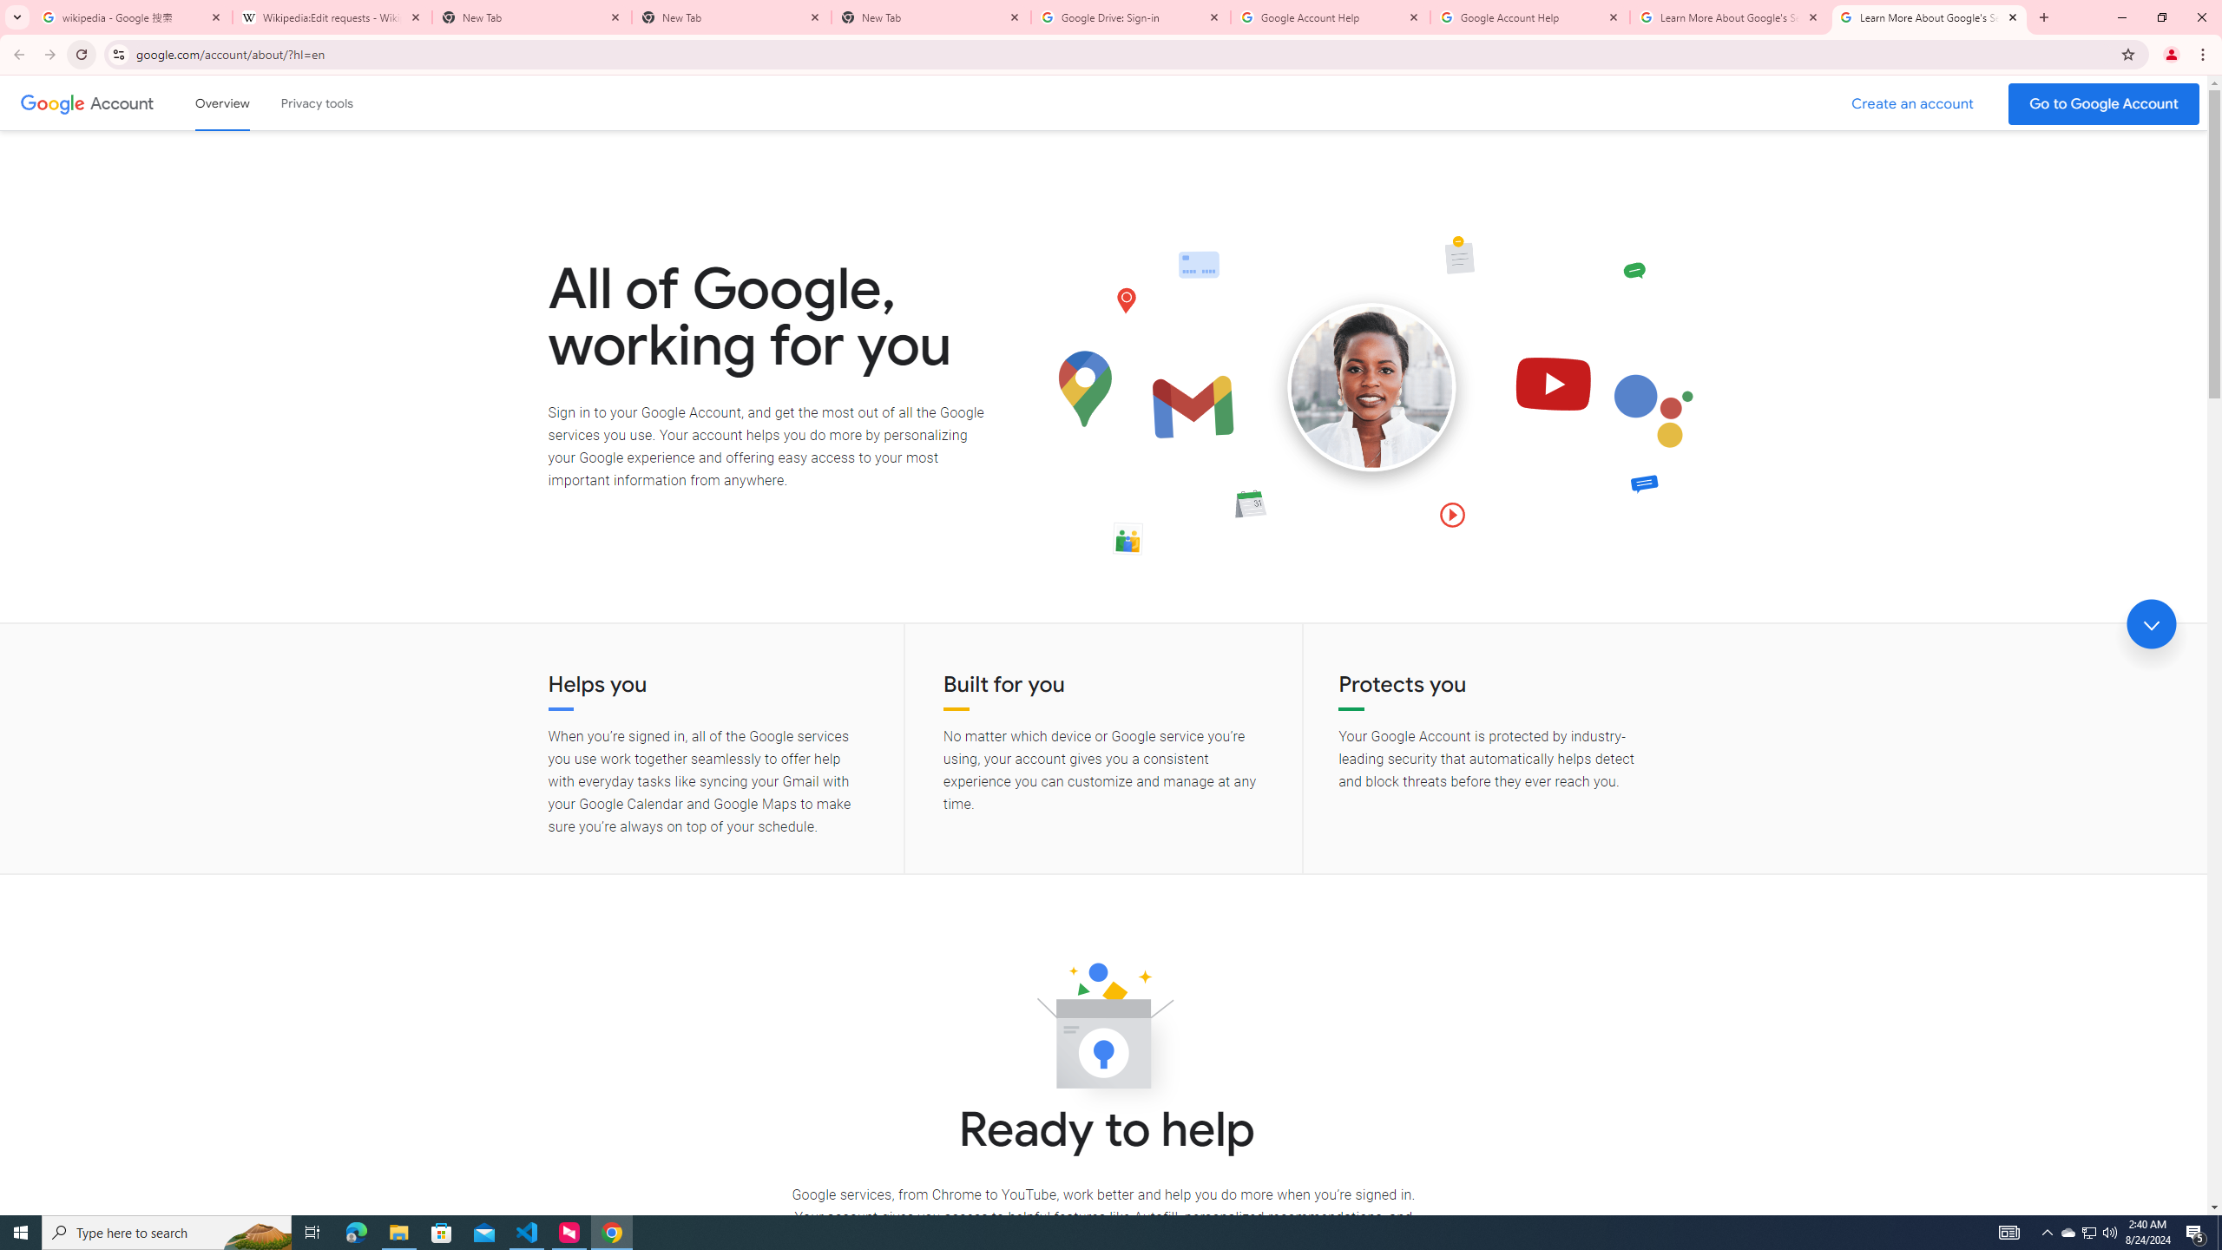 This screenshot has height=1250, width=2222. What do you see at coordinates (222, 102) in the screenshot?
I see `'Google Account overview'` at bounding box center [222, 102].